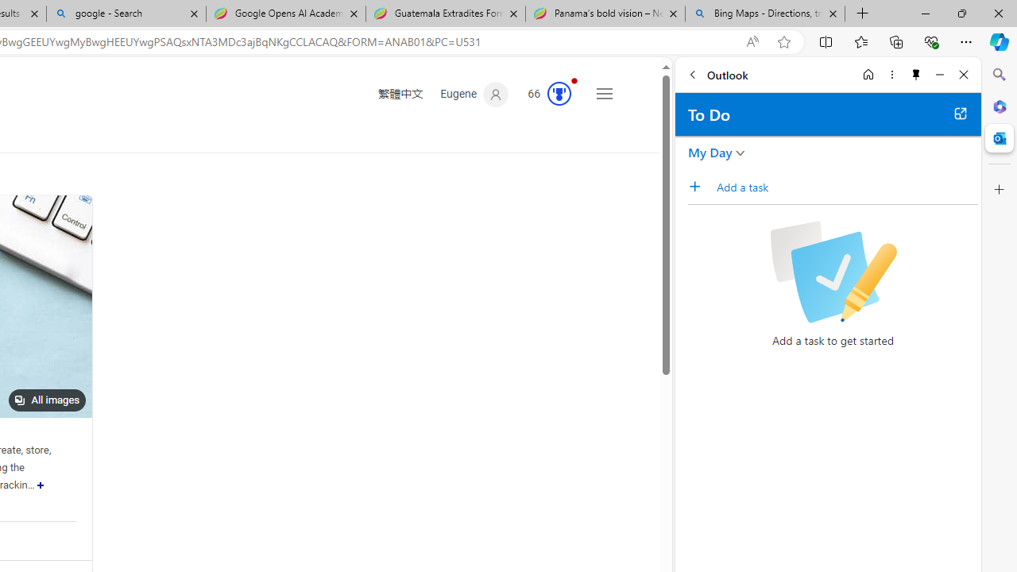  What do you see at coordinates (559, 94) in the screenshot?
I see `'AutomationID: serp_medal_svg'` at bounding box center [559, 94].